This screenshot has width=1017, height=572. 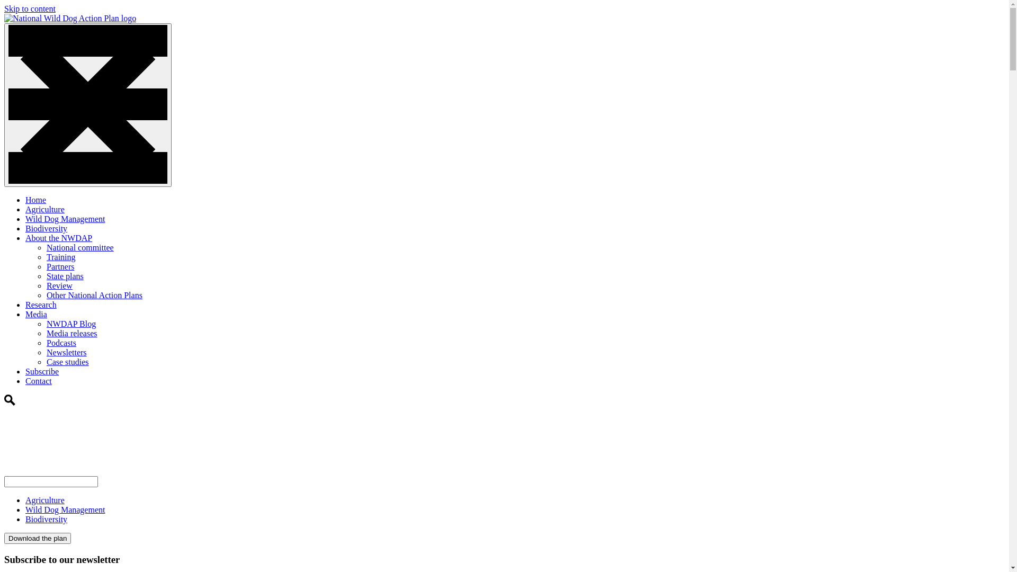 What do you see at coordinates (71, 333) in the screenshot?
I see `'Media releases'` at bounding box center [71, 333].